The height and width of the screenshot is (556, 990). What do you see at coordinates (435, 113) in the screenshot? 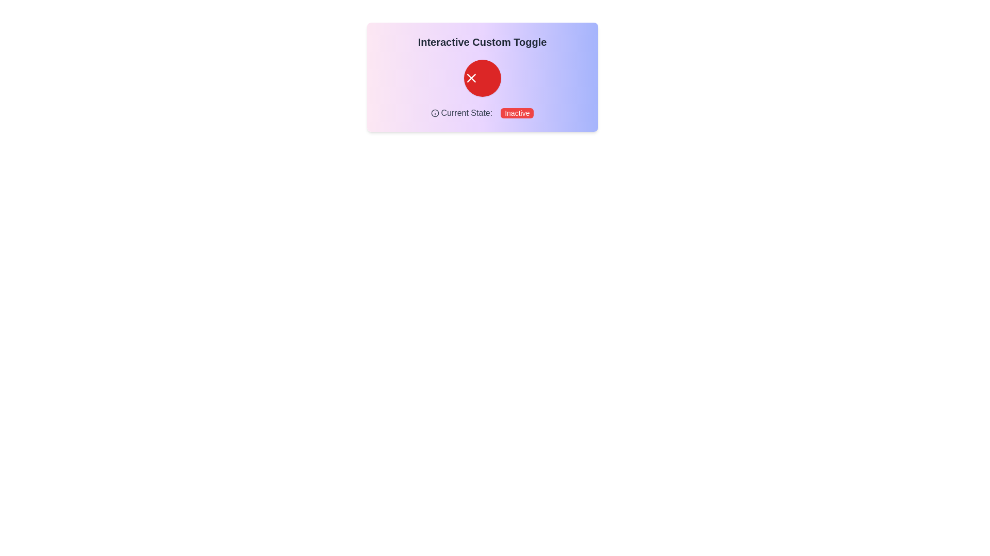
I see `the informational icon located to the left of the 'Current State:' label` at bounding box center [435, 113].